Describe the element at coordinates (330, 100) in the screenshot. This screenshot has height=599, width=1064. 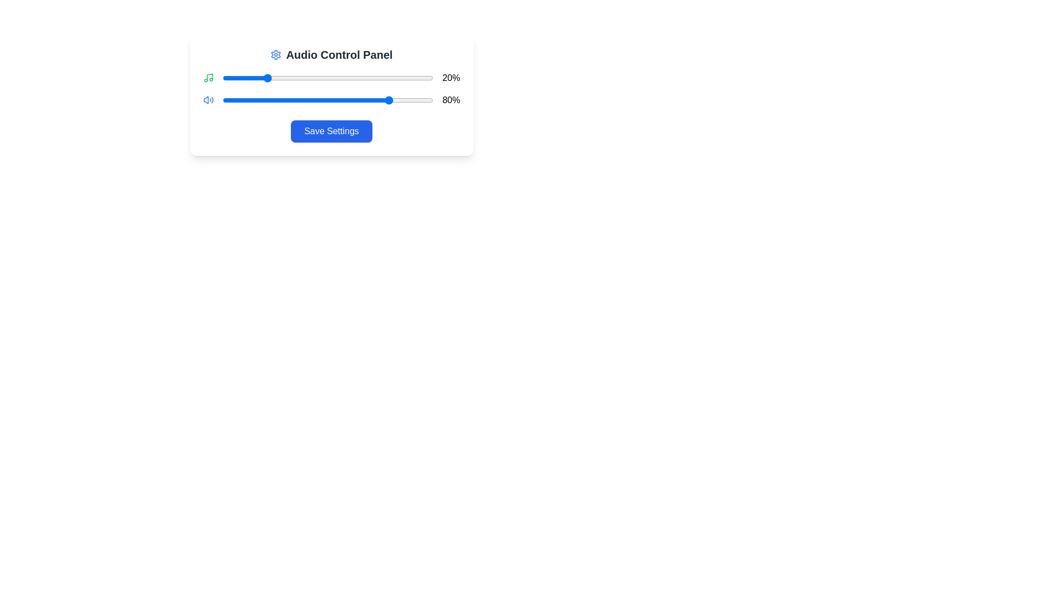
I see `the second volume slider to 51%` at that location.